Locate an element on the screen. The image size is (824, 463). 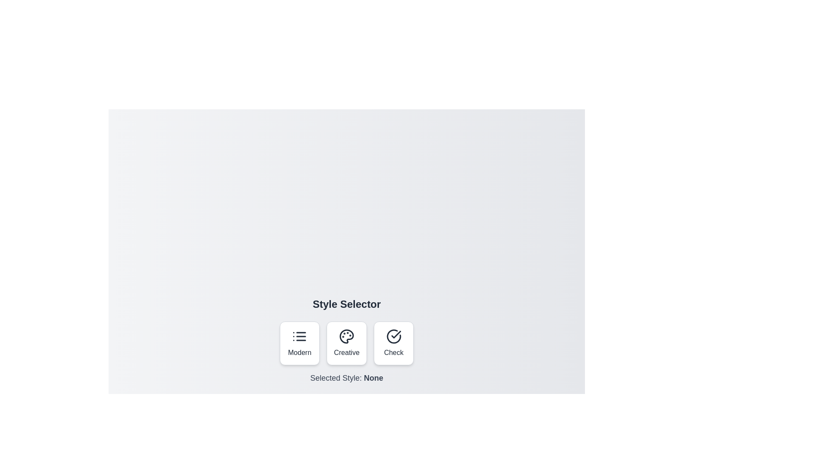
the style button labeled Check is located at coordinates (393, 343).